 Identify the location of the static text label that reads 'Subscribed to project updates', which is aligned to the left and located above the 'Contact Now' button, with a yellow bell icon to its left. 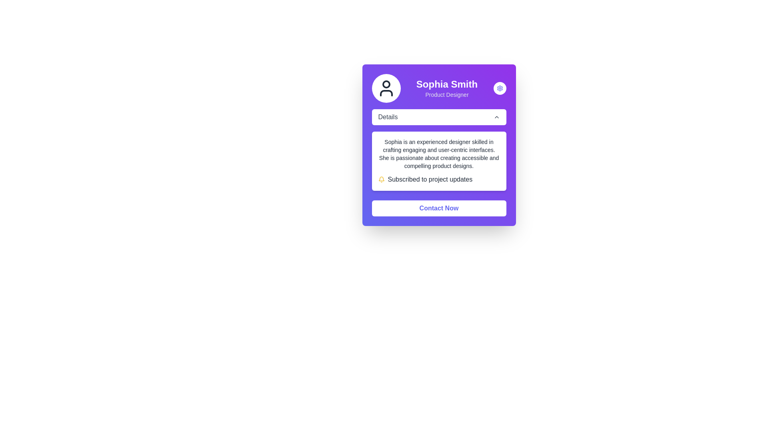
(430, 179).